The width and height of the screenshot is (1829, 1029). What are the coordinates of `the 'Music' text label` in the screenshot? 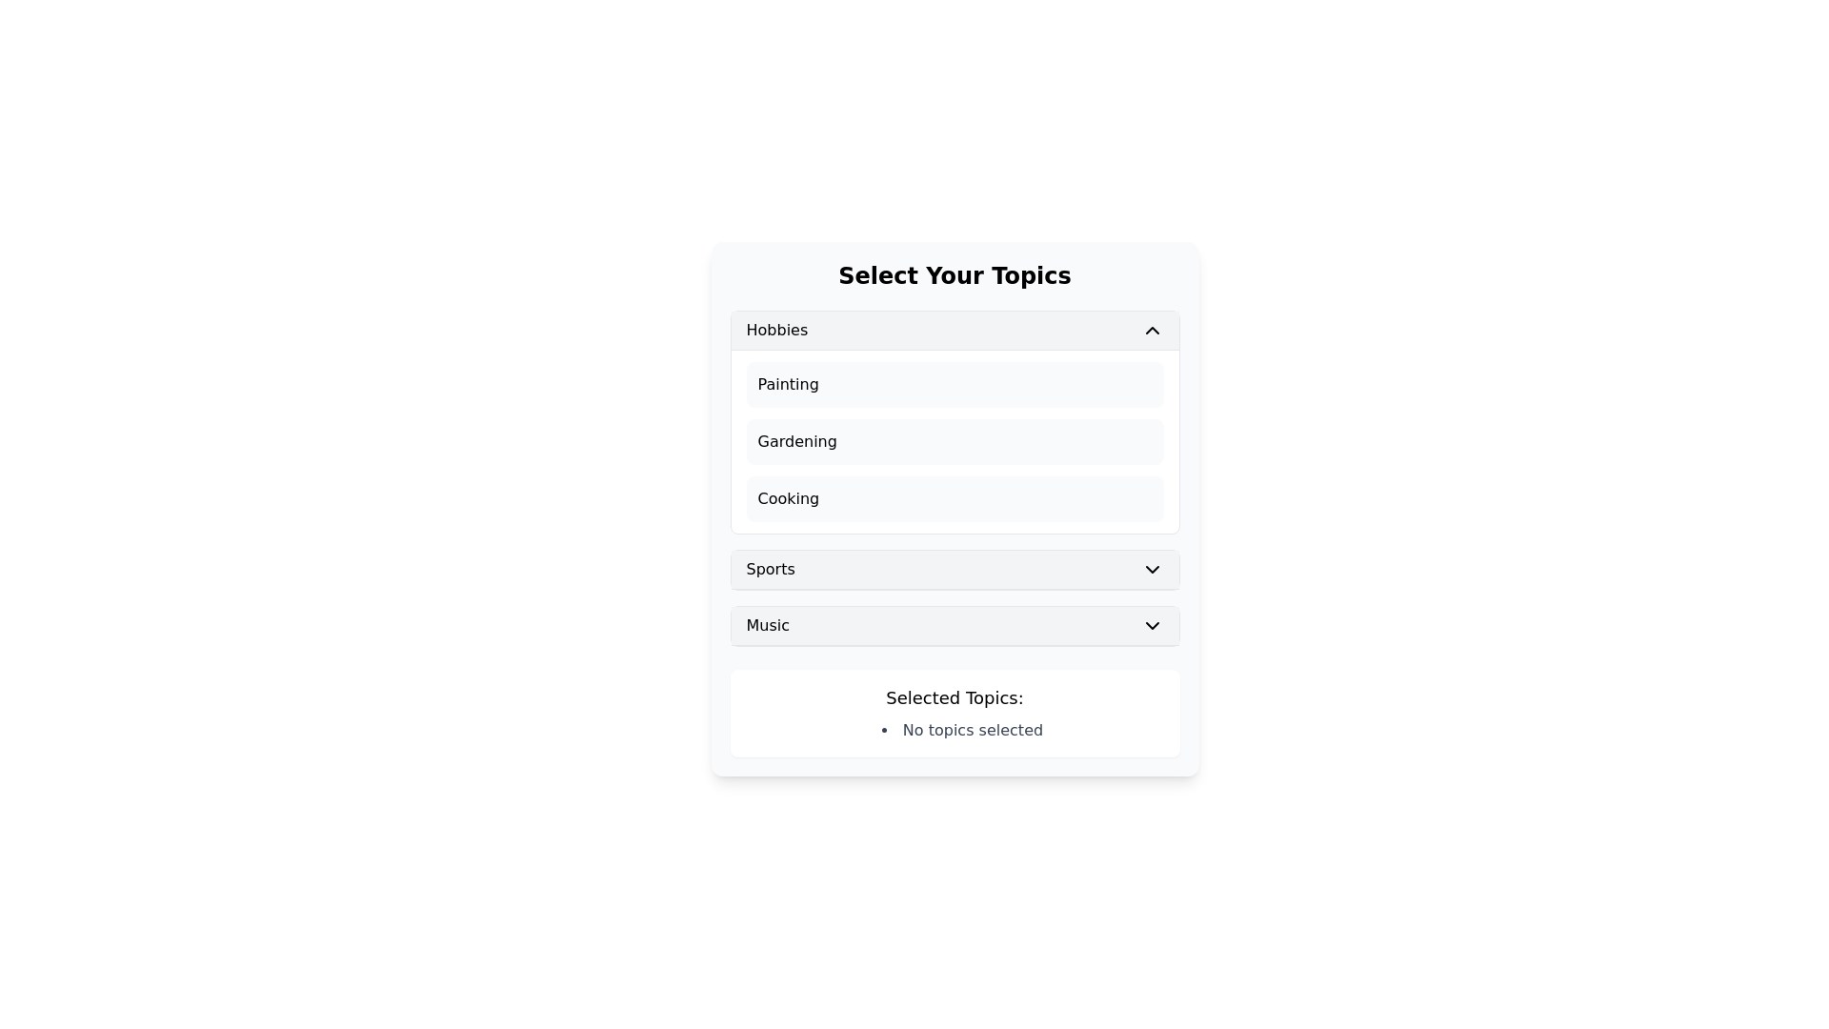 It's located at (768, 625).